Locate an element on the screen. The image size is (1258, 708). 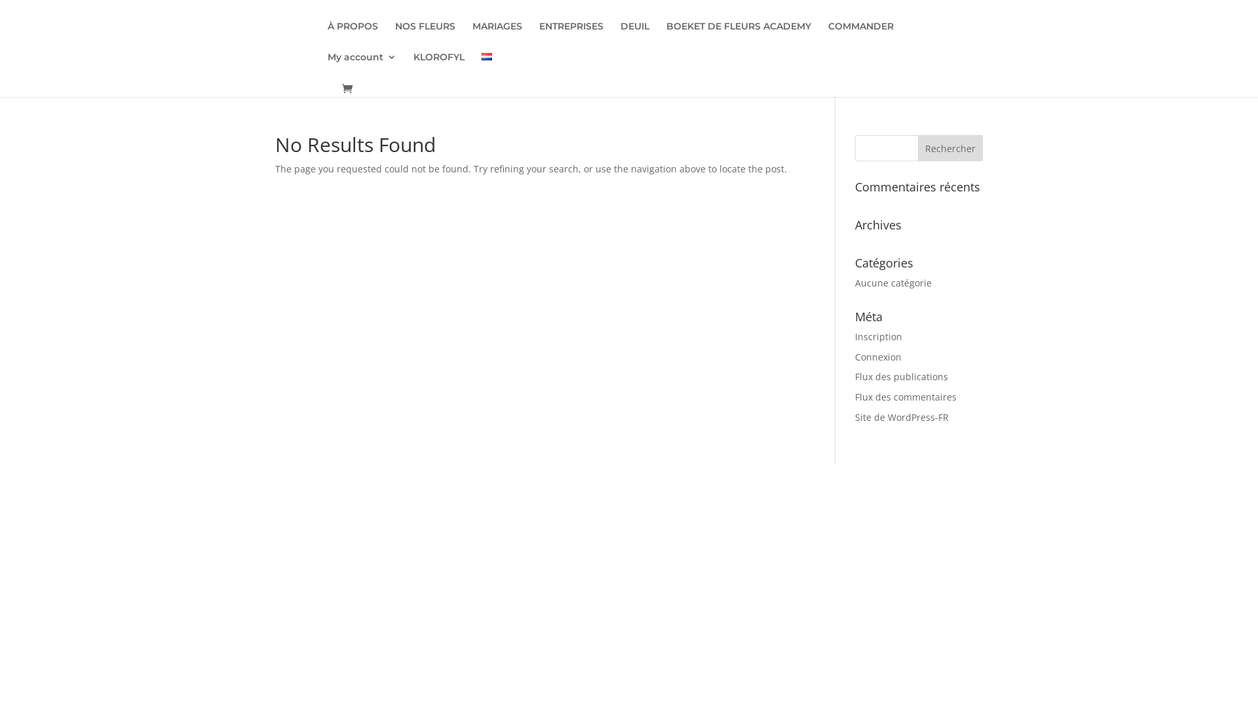
'Connexion' is located at coordinates (878, 357).